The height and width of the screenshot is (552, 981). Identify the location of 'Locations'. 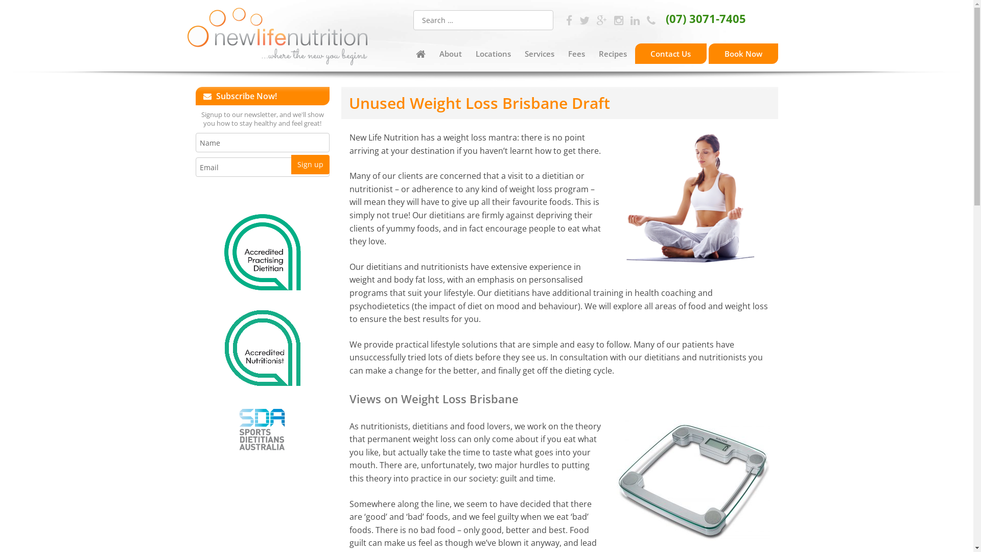
(493, 53).